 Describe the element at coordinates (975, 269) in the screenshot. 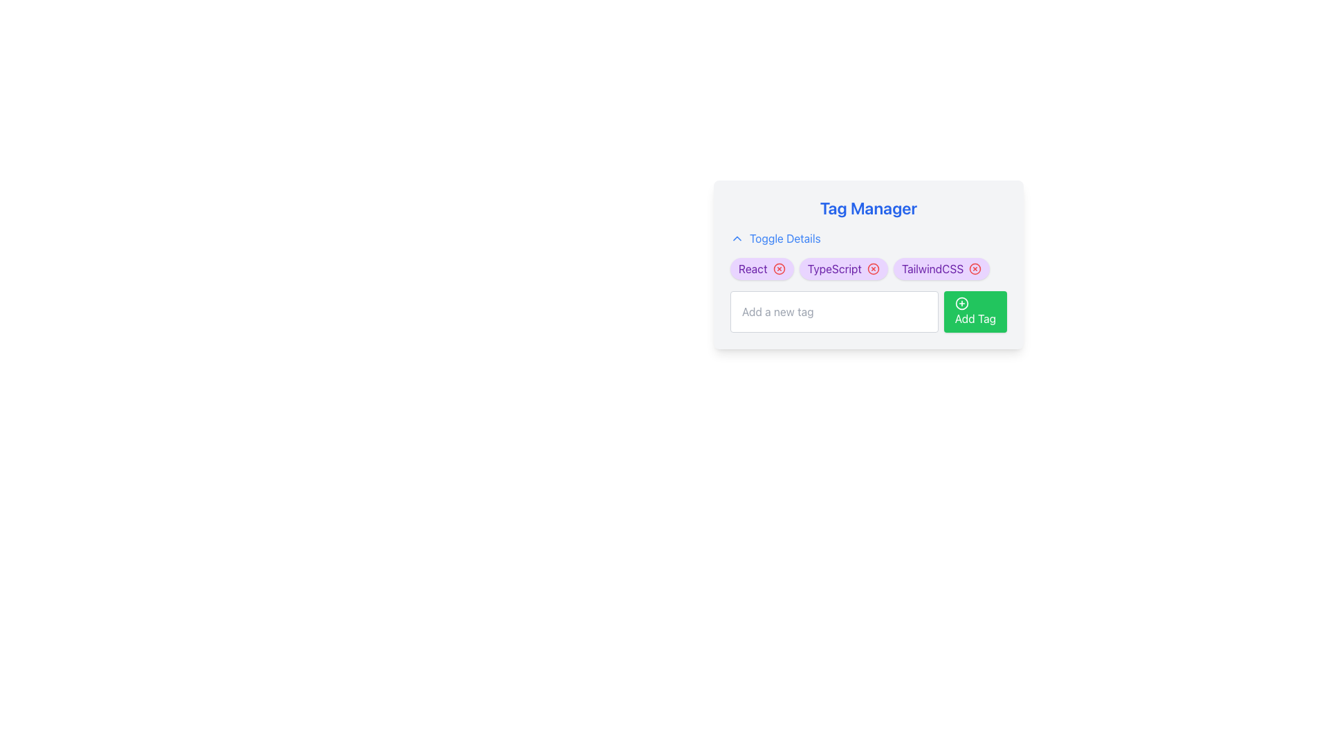

I see `the small circular red icon with a cross symbol` at that location.